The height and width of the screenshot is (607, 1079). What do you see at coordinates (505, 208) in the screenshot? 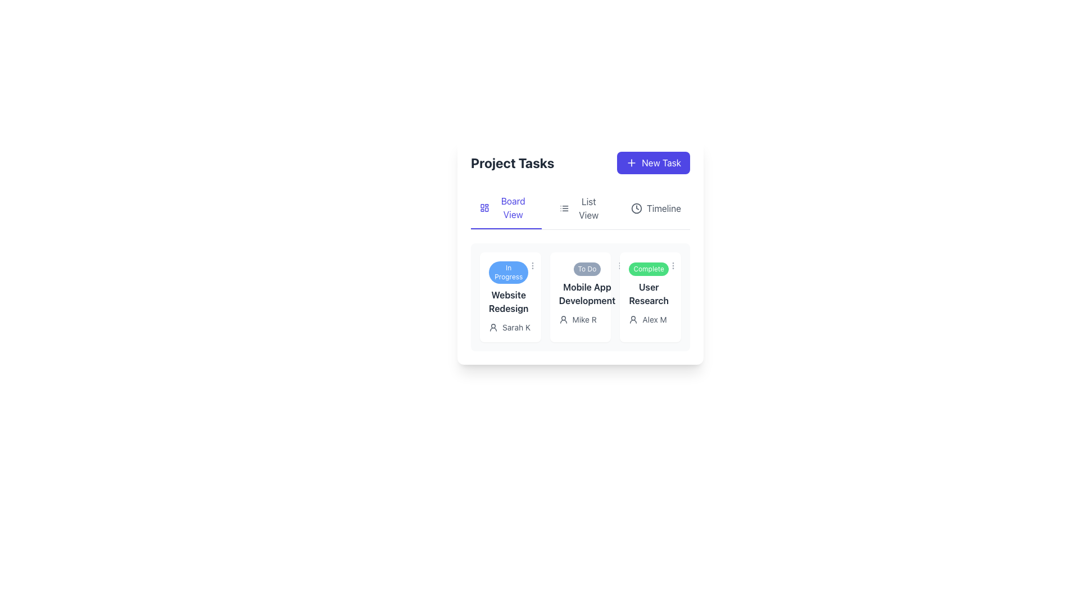
I see `the button that switches to board-style view of tasks, located in the upper-left section of the 'Project Tasks' card, to receive additional visual feedback` at bounding box center [505, 208].